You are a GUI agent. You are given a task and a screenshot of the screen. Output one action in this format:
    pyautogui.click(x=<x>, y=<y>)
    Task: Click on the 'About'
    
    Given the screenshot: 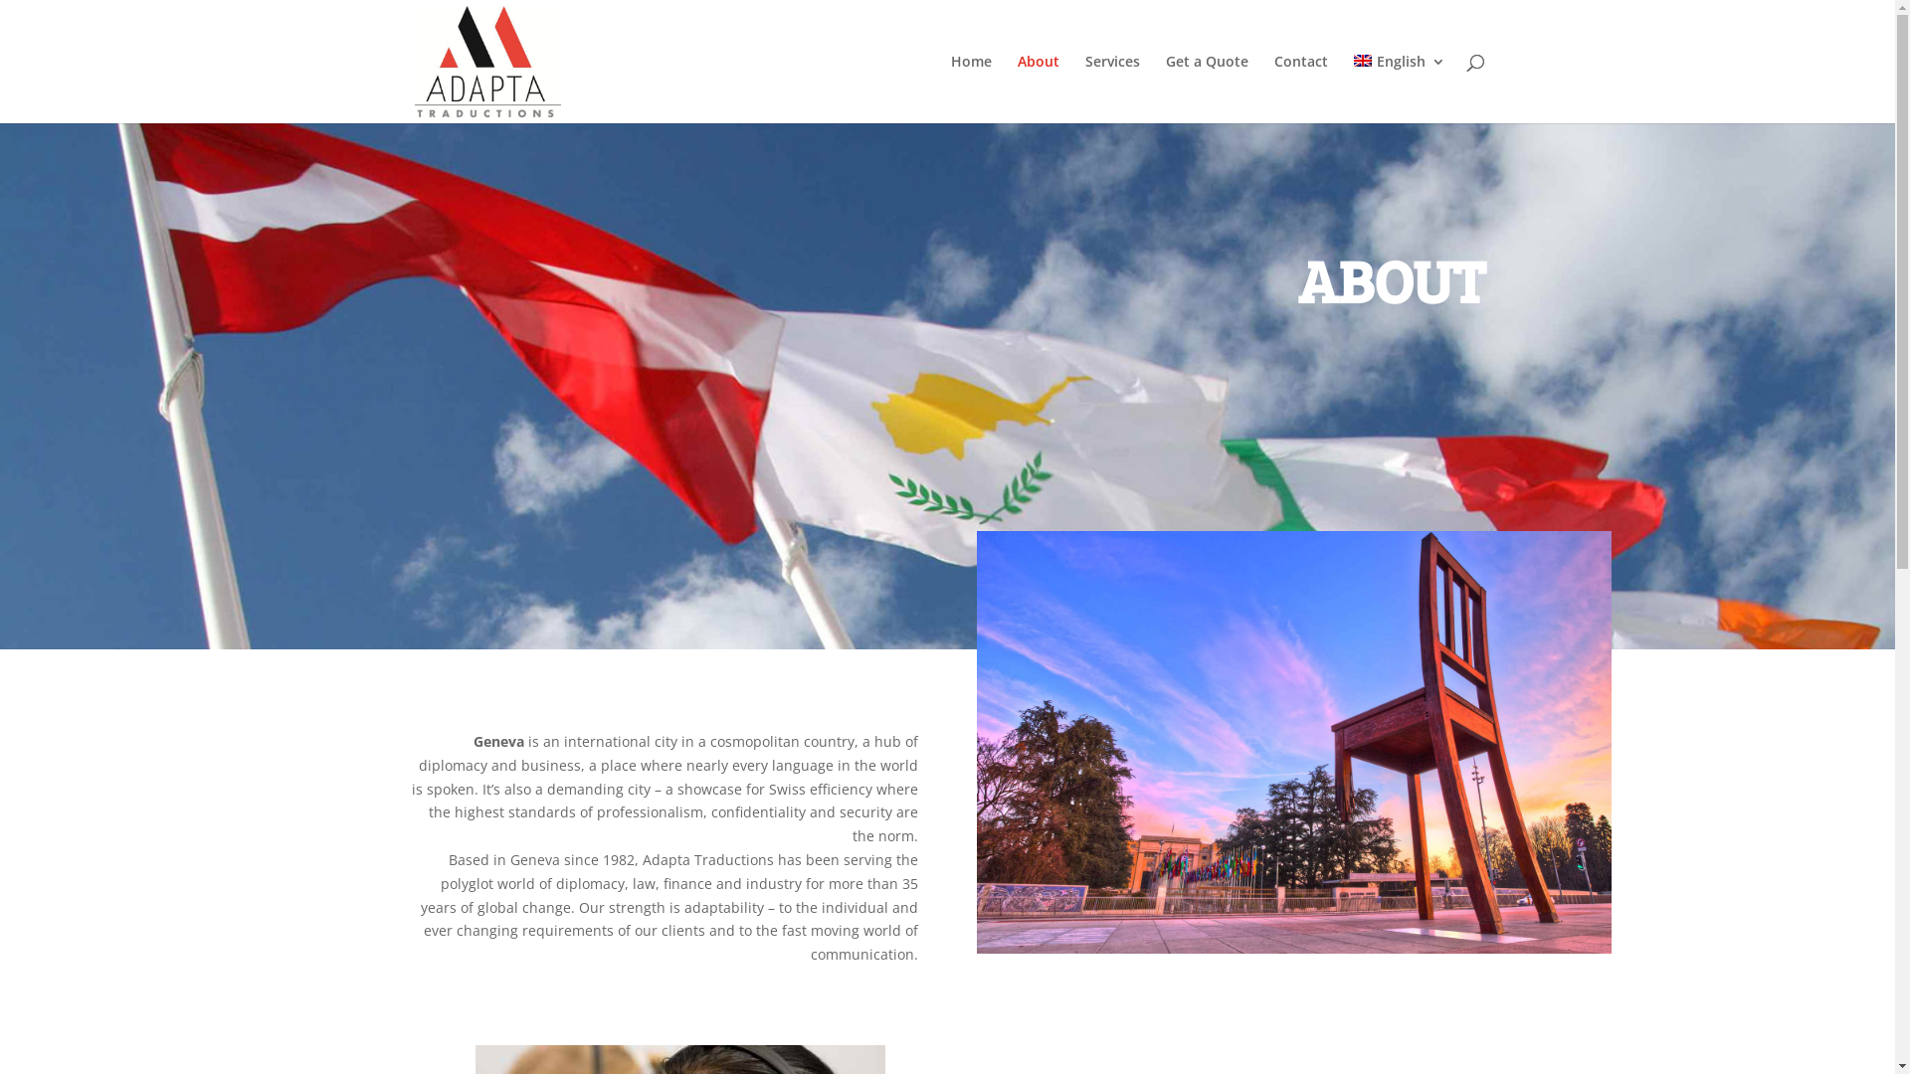 What is the action you would take?
    pyautogui.click(x=1037, y=88)
    